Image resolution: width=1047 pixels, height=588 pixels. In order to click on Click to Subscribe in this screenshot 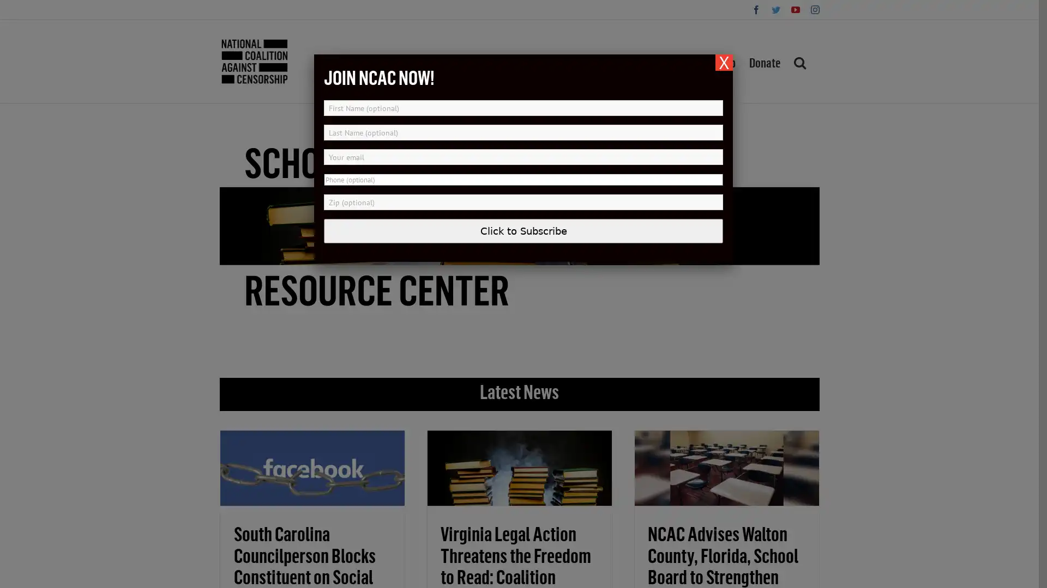, I will do `click(523, 230)`.